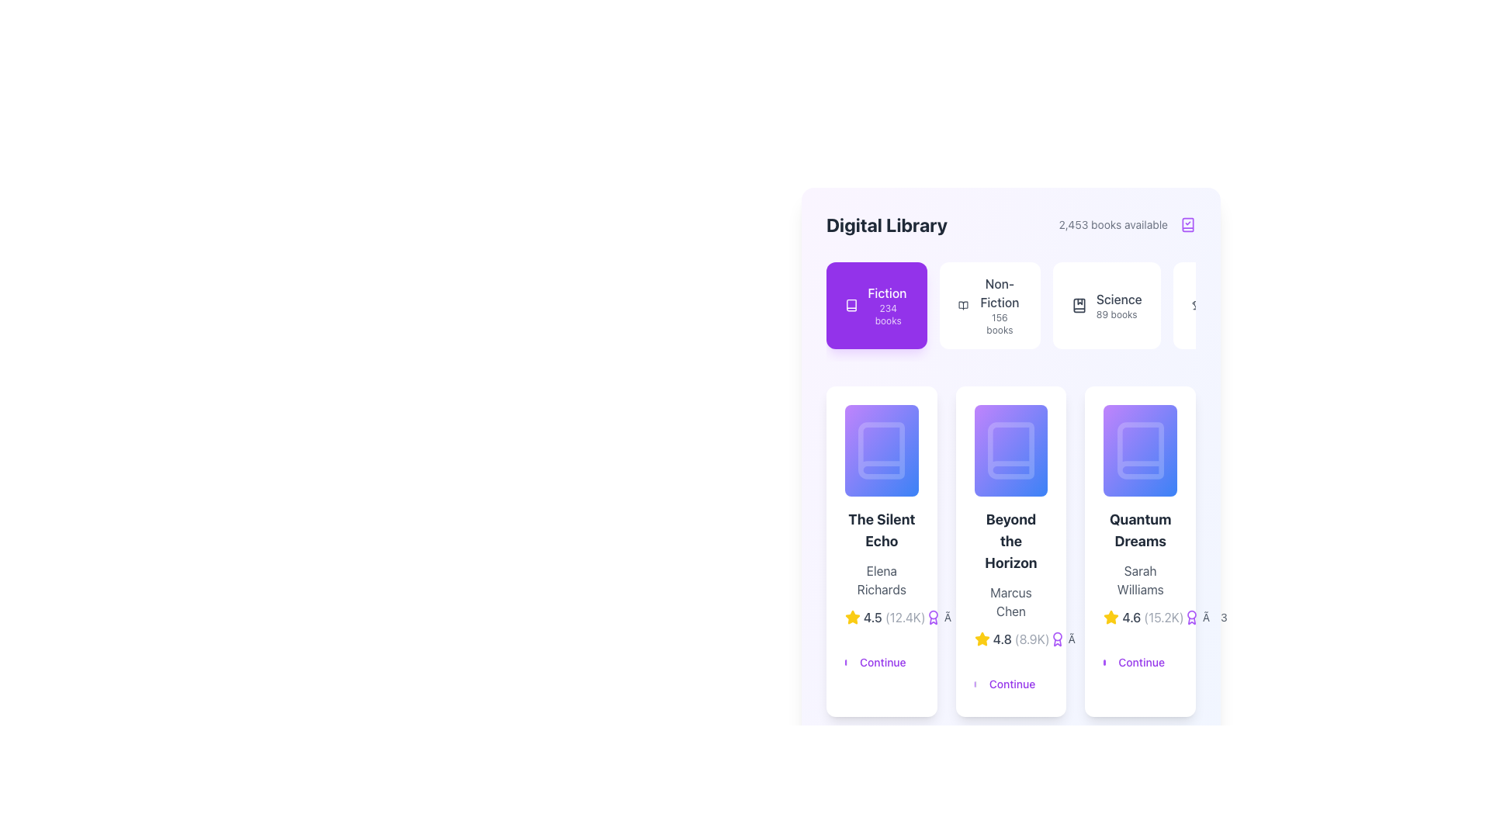  Describe the element at coordinates (890, 524) in the screenshot. I see `the Text Label with Icon located in the digital library section` at that location.